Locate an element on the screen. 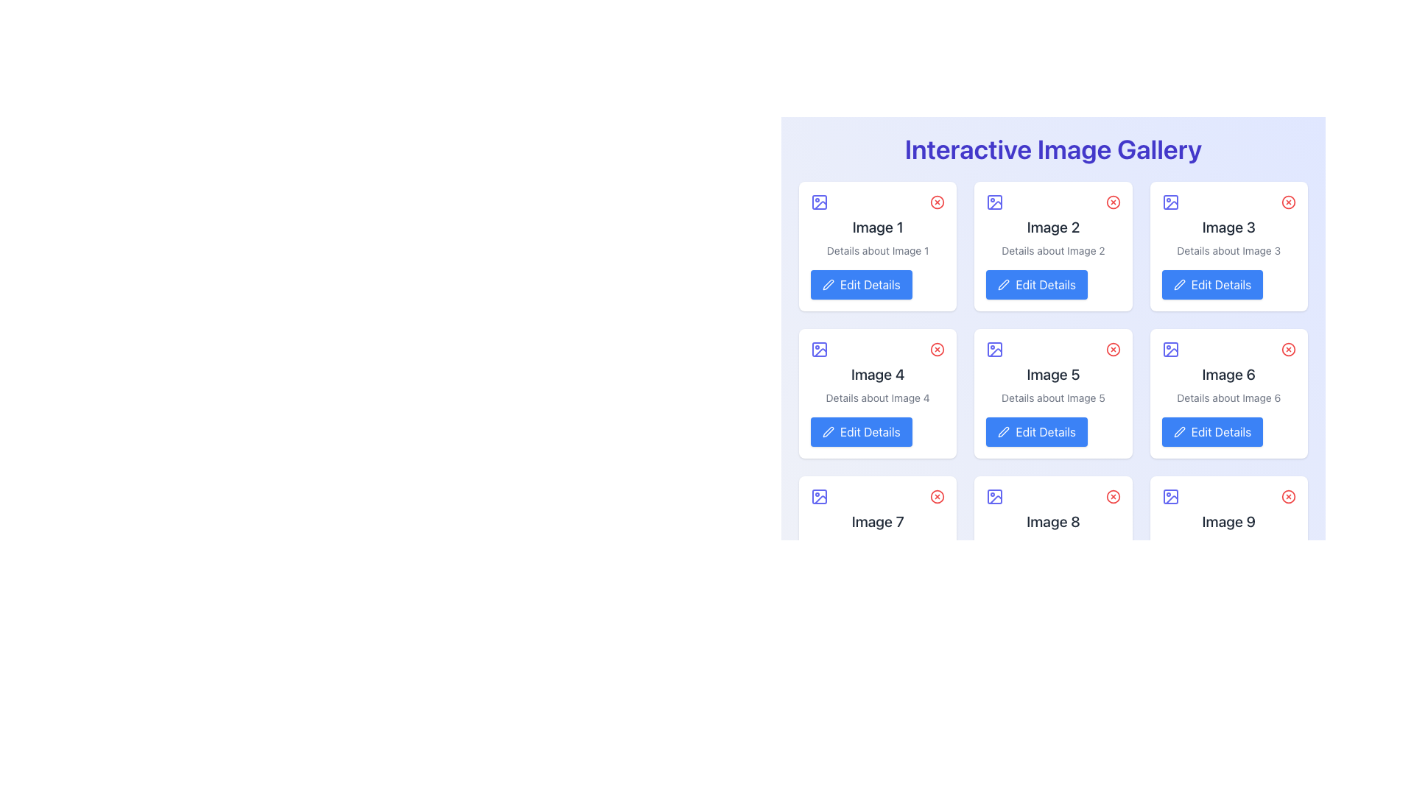 The width and height of the screenshot is (1414, 795). the text label displaying 'Details about Image 1', which is located below the 'Image 1' title in the card widget is located at coordinates (878, 250).